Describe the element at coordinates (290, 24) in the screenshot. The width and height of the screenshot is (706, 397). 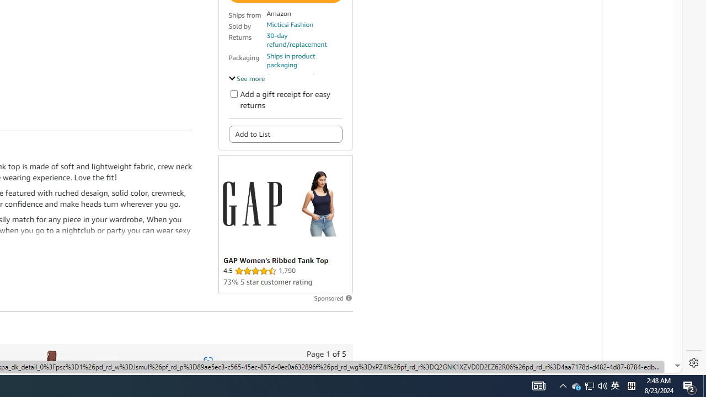
I see `'Micticsi Fashion'` at that location.